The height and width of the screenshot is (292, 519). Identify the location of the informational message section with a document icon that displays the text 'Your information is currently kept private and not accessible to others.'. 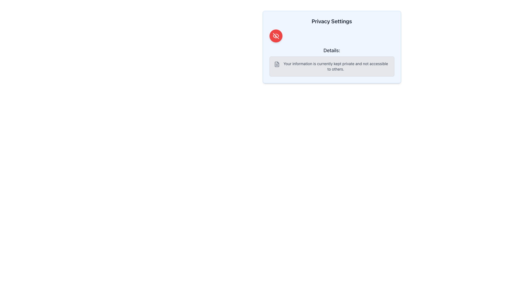
(331, 66).